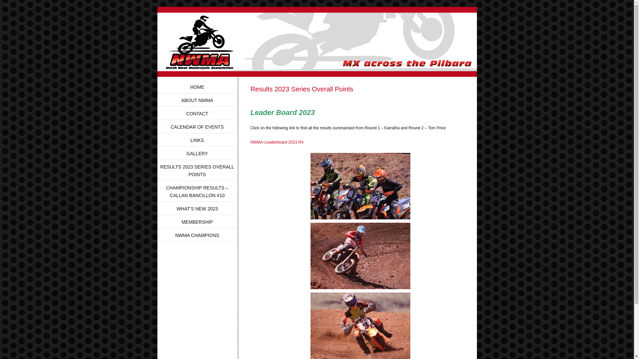 Image resolution: width=639 pixels, height=359 pixels. Describe the element at coordinates (197, 113) in the screenshot. I see `'CONTACT'` at that location.